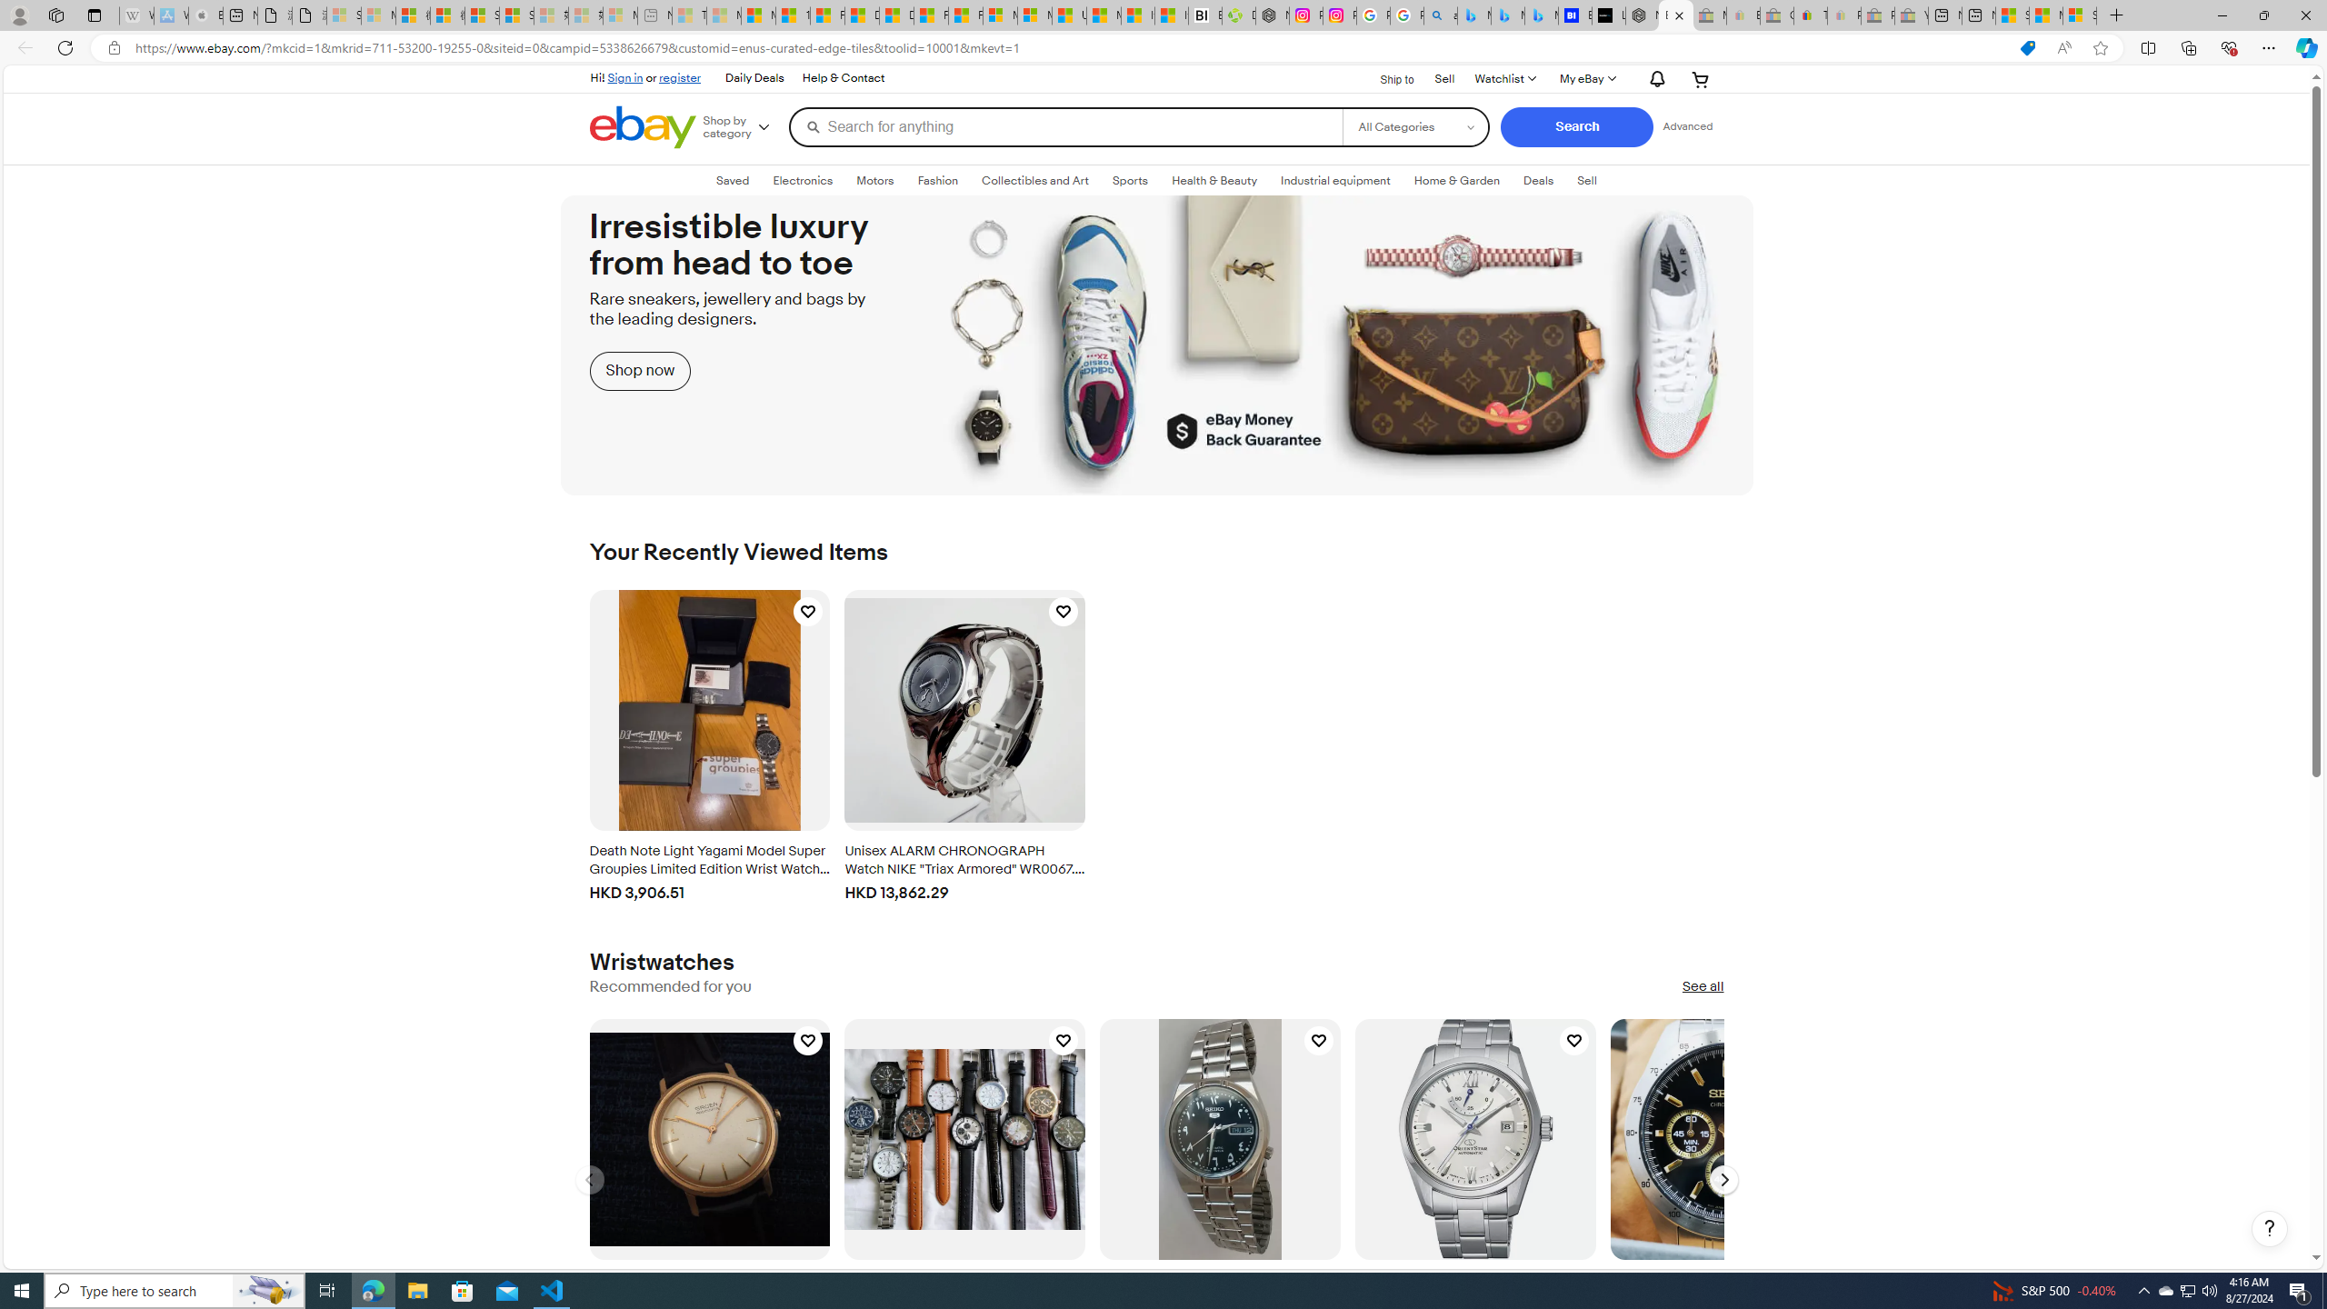  What do you see at coordinates (1130, 181) in the screenshot?
I see `'Sports'` at bounding box center [1130, 181].